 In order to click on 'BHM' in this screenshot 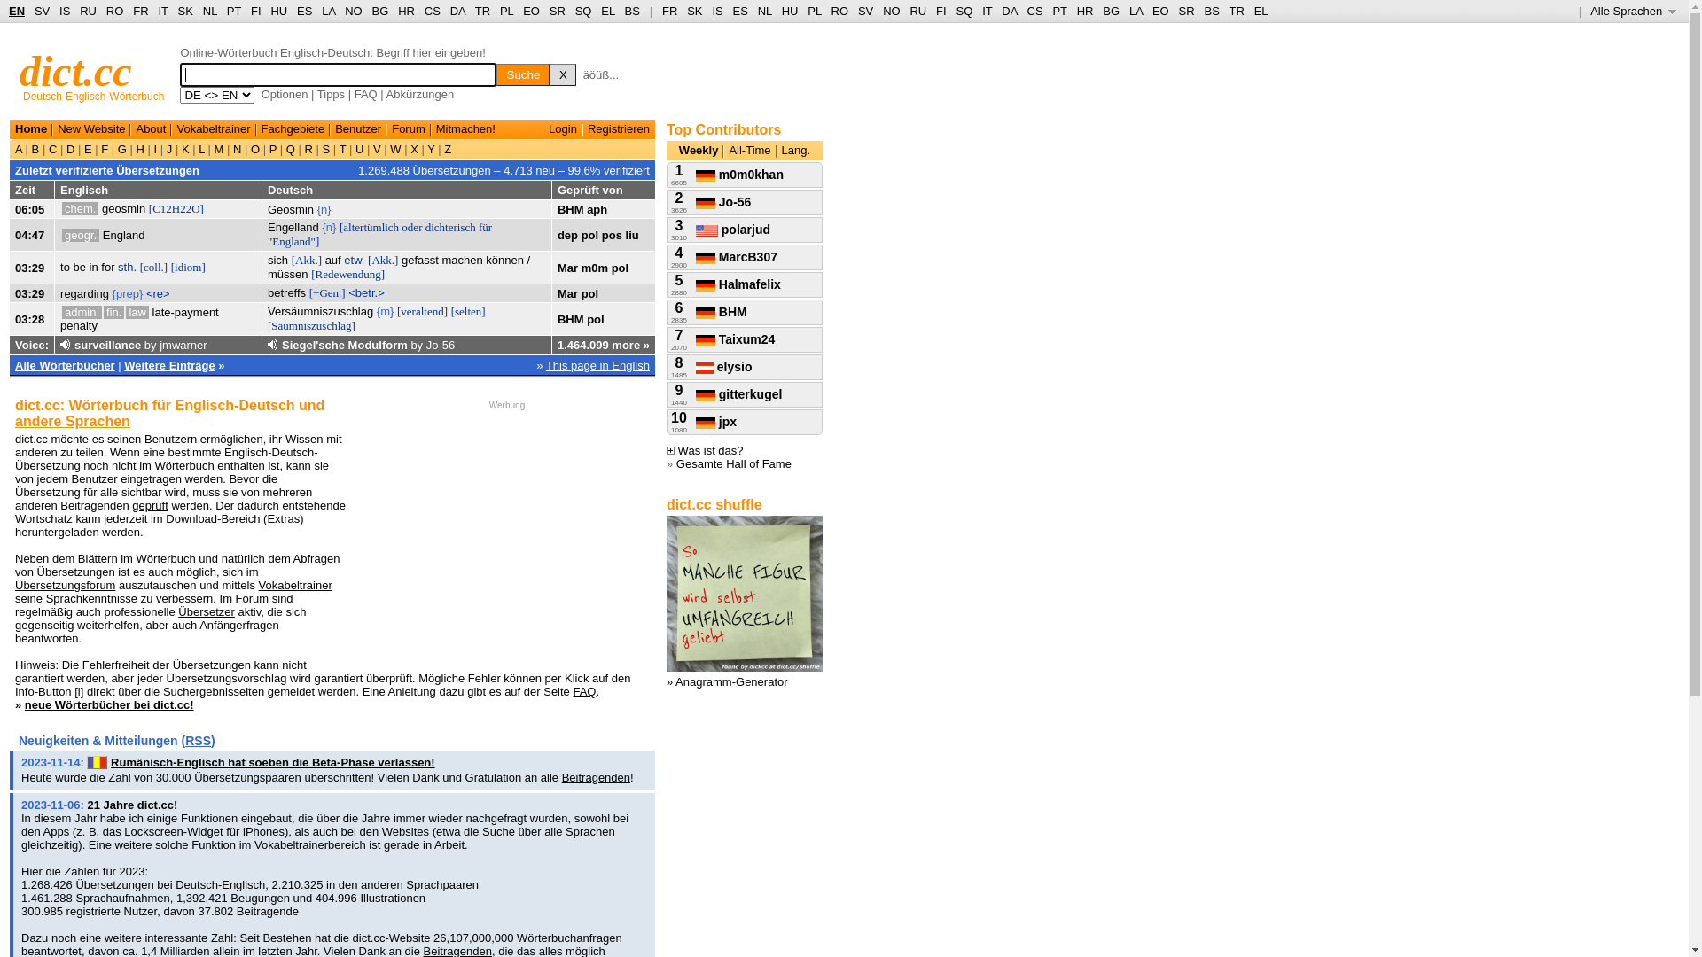, I will do `click(570, 207)`.